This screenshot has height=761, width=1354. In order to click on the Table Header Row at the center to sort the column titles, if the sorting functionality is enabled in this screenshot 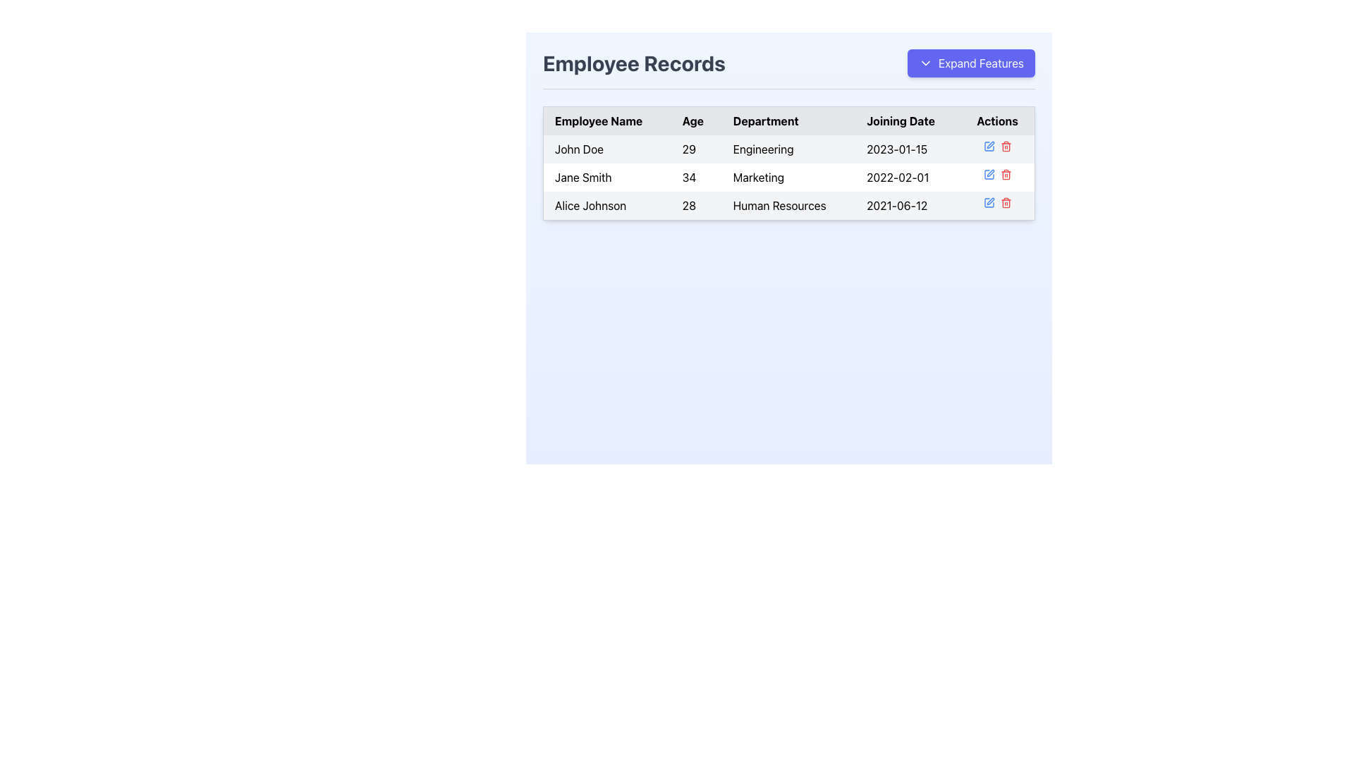, I will do `click(788, 119)`.